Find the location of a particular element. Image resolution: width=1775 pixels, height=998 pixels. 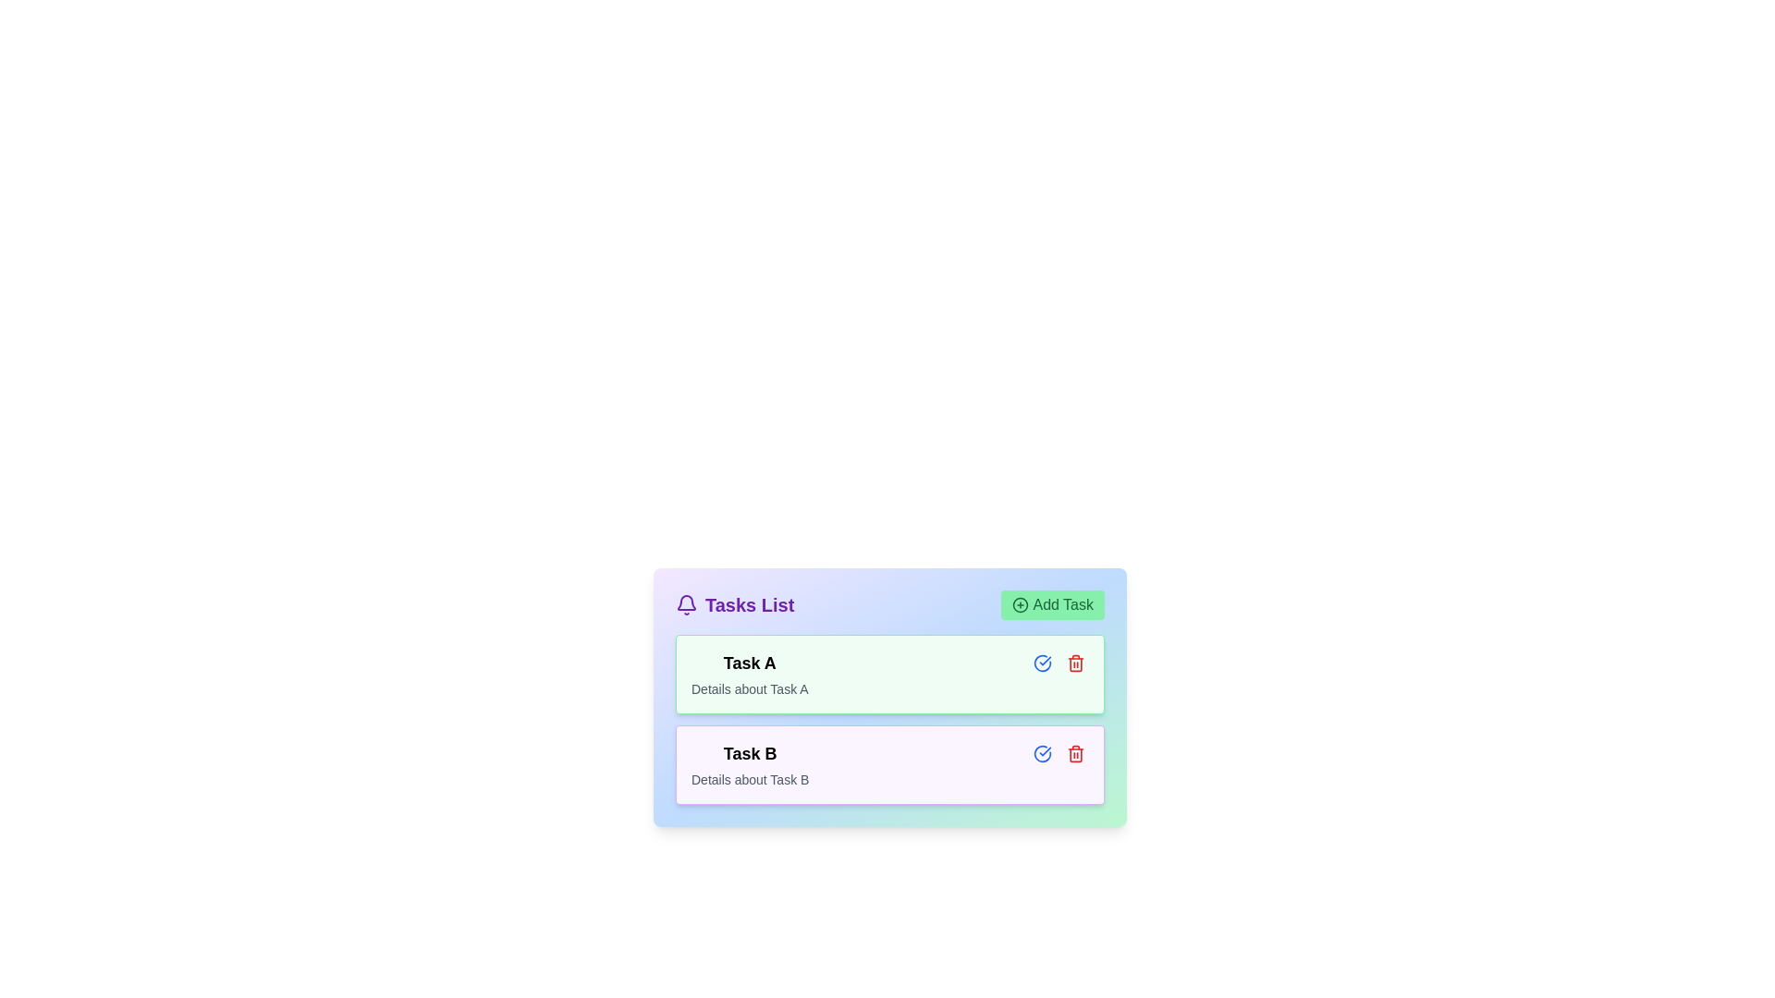

the two-line text component containing the bold headline 'Task B' and the smaller description 'Details about Task B', located in the middle-left section of the second task block in the task list interface is located at coordinates (750, 765).